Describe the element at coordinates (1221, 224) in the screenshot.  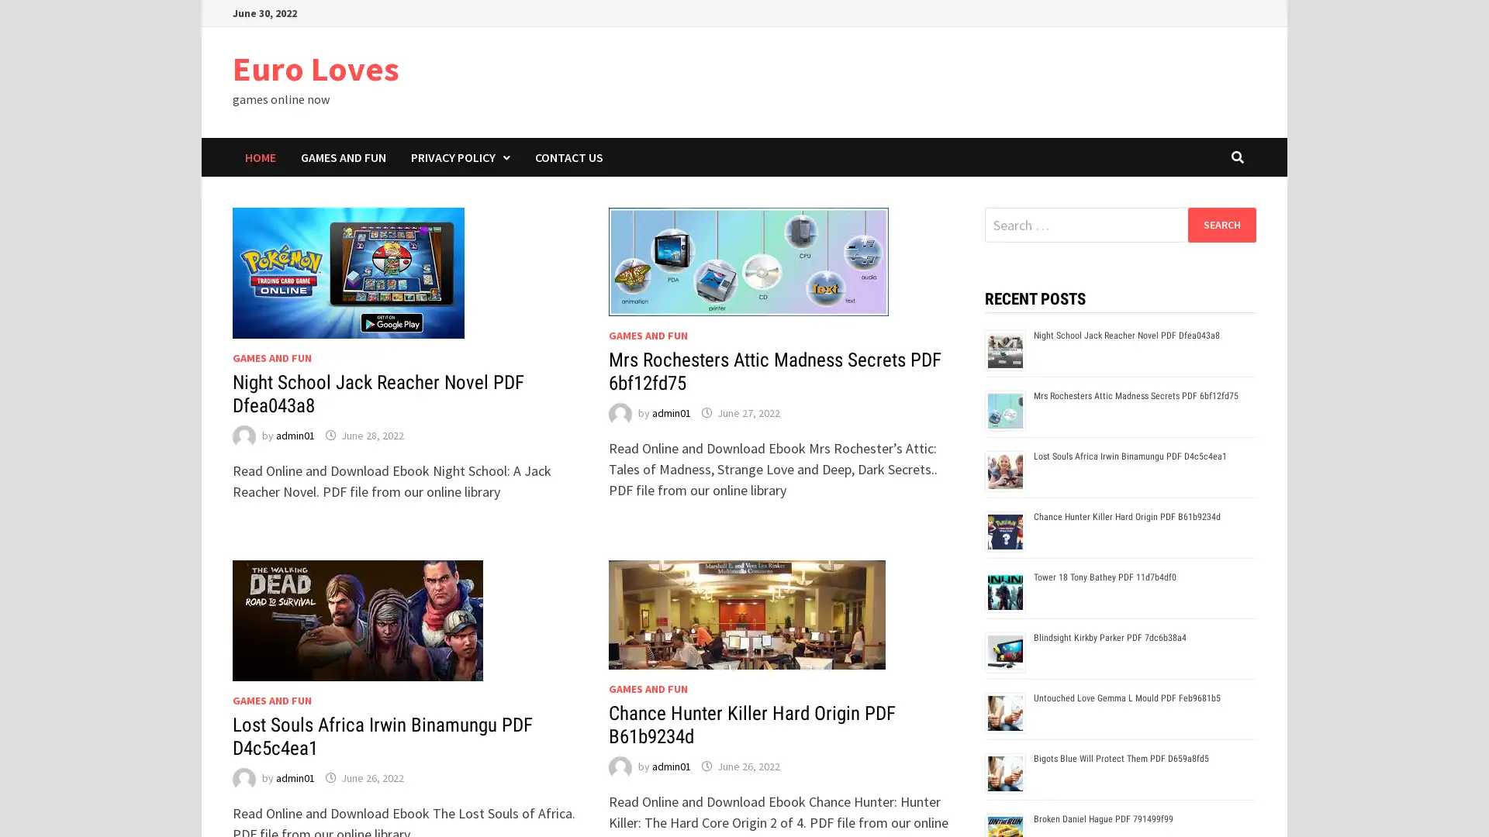
I see `Search` at that location.